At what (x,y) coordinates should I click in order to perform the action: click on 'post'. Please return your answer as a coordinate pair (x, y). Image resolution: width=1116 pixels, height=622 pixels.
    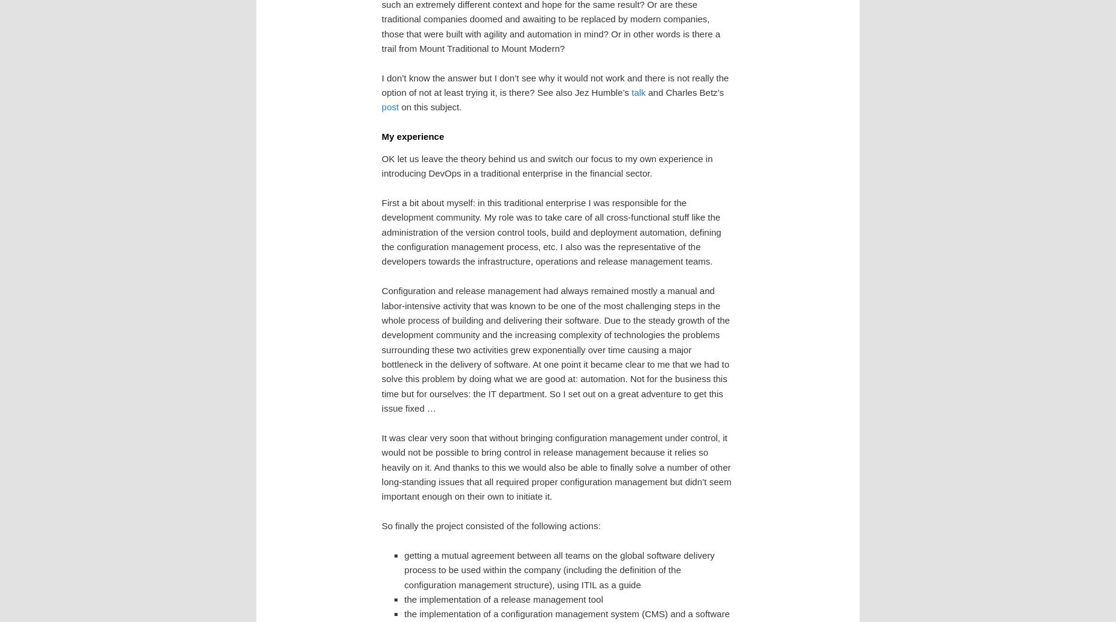
    Looking at the image, I should click on (390, 106).